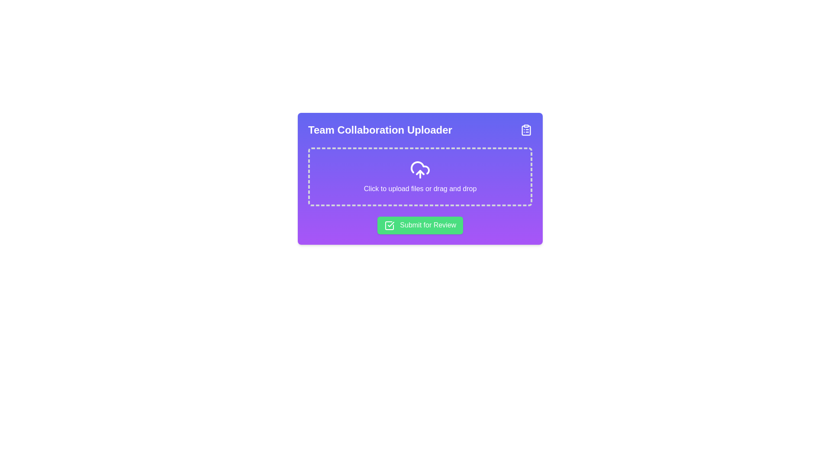  I want to click on the cloud upload icon, which is represented by a white cloud with an upward arrow on a purple background, to initiate the upload dialog, so click(420, 170).